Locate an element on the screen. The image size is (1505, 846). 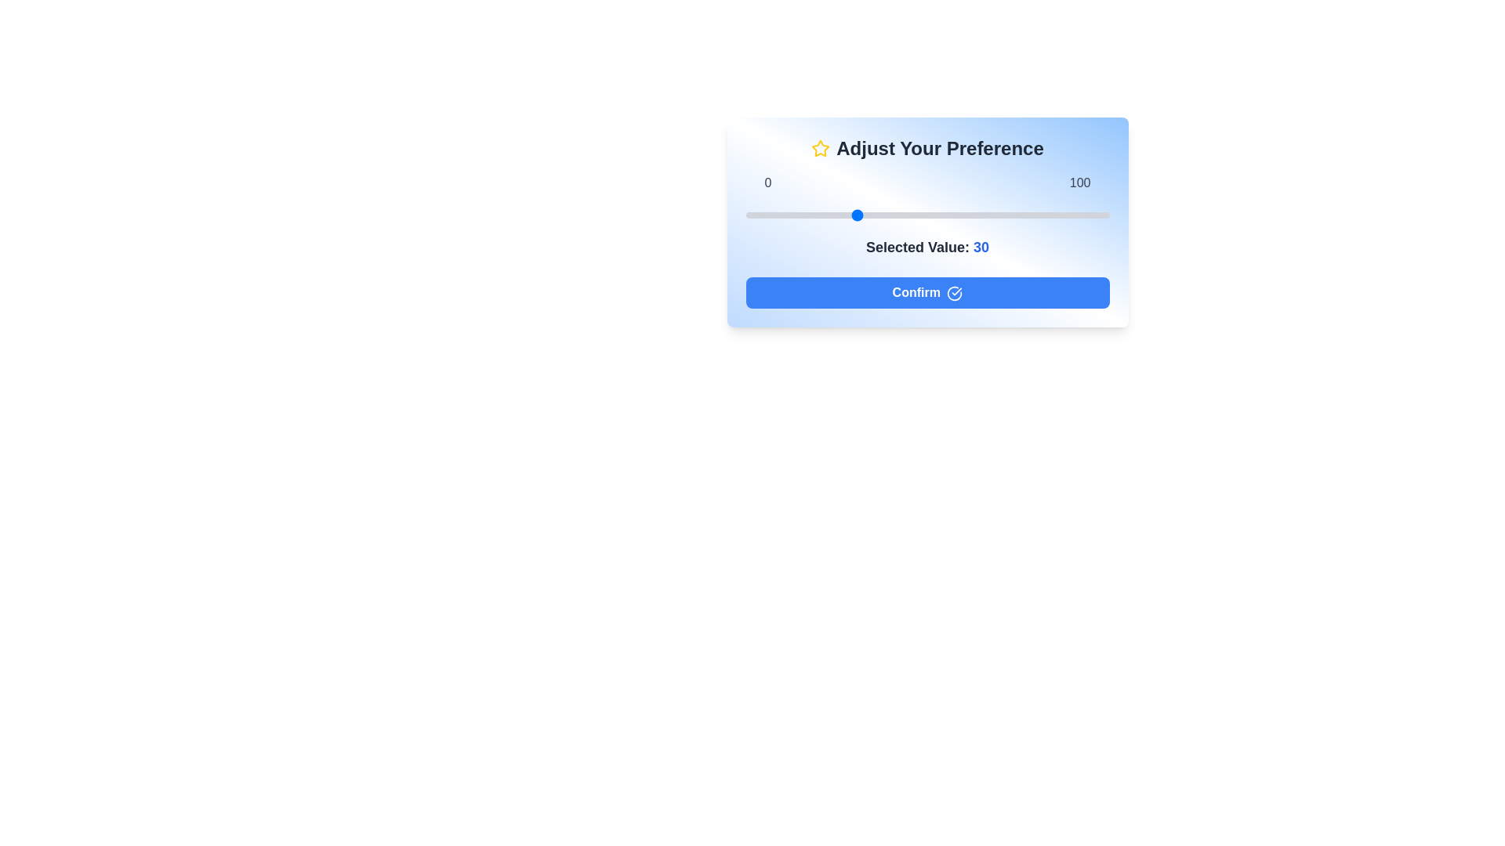
the star icon to interact with it is located at coordinates (819, 148).